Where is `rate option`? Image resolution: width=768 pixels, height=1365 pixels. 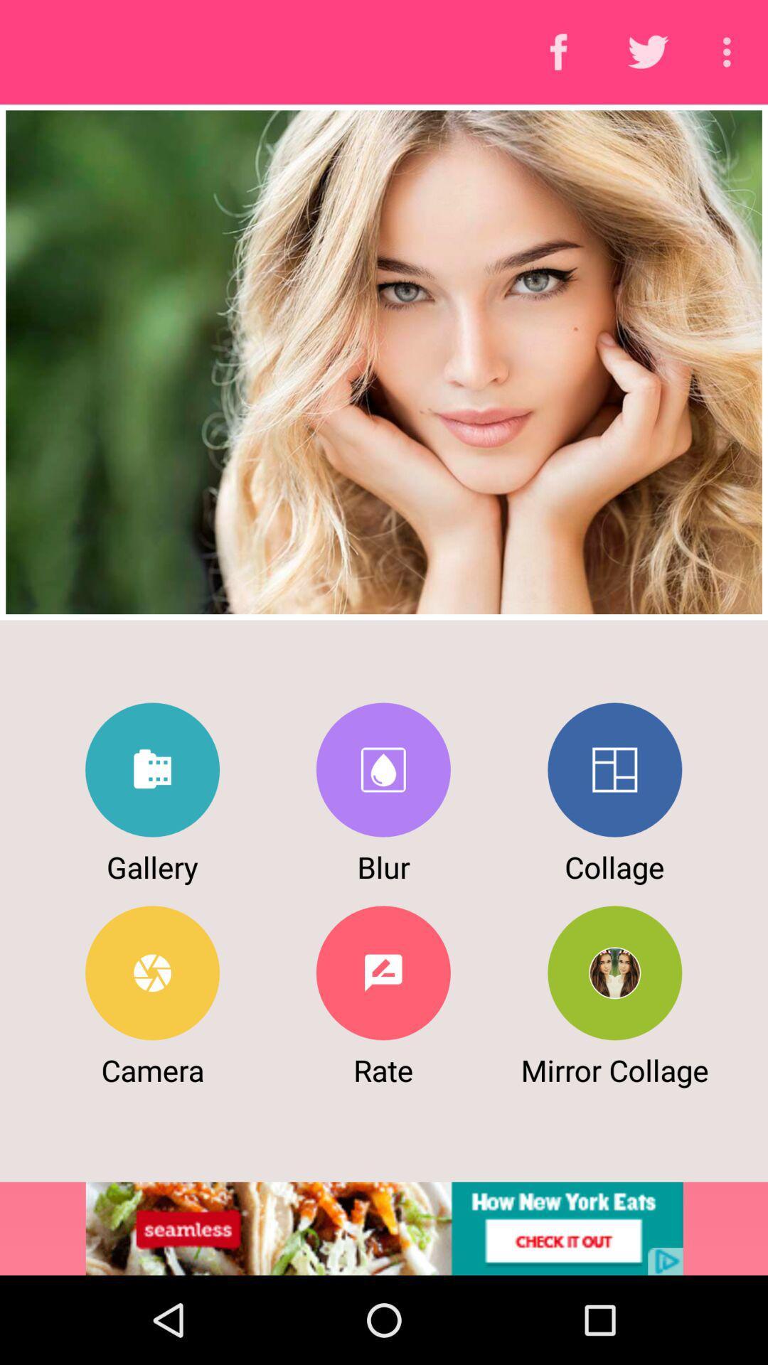
rate option is located at coordinates (383, 972).